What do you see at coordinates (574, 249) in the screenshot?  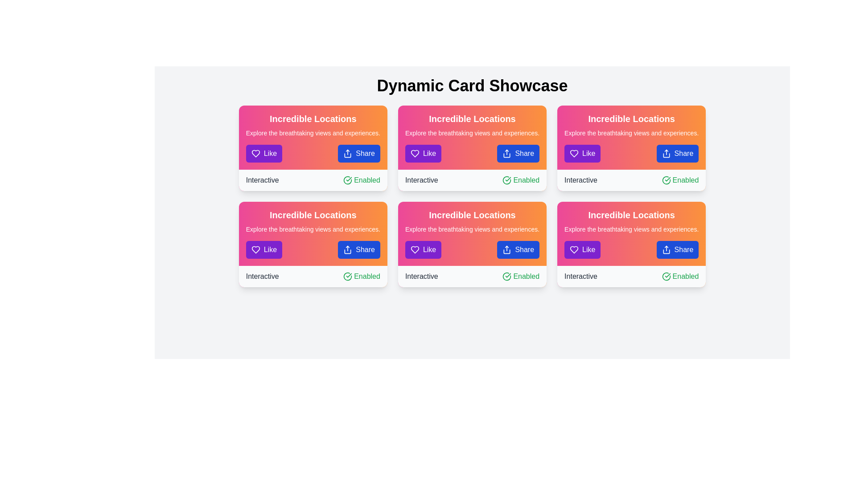 I see `the heart icon within the 'Like' button at the bottom left corner of the card component to like it` at bounding box center [574, 249].